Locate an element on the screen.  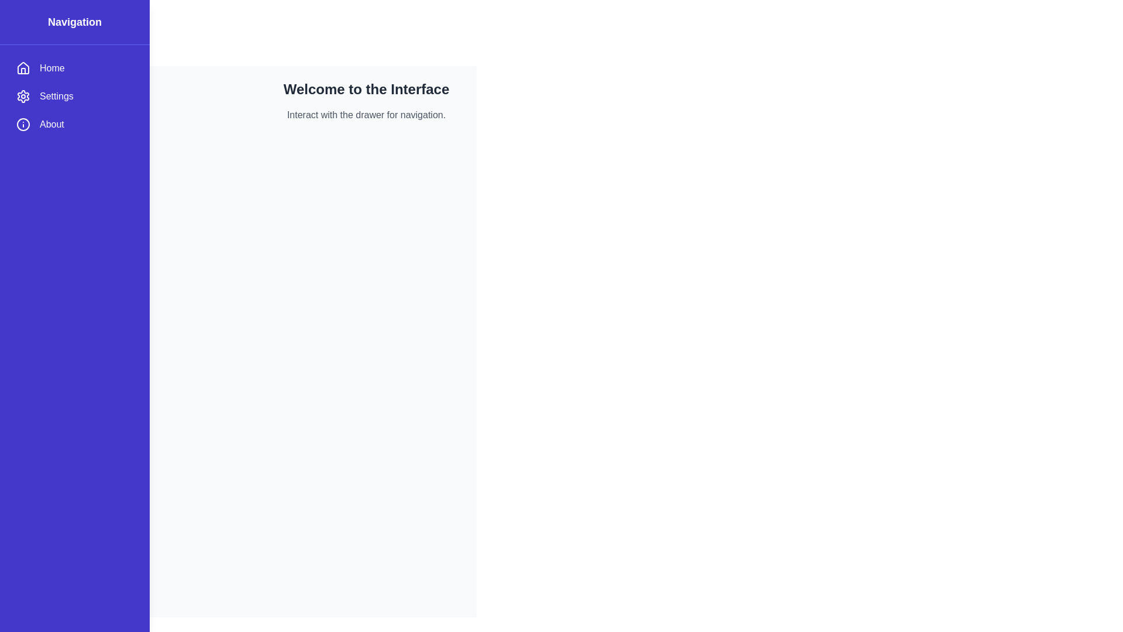
the button to toggle the drawer's visibility is located at coordinates (30, 29).